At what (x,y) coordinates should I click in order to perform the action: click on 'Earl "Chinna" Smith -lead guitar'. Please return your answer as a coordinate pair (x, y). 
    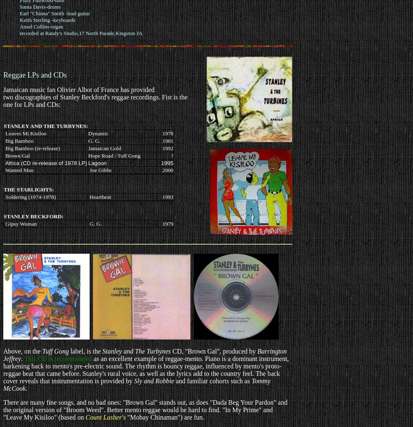
    Looking at the image, I should click on (55, 13).